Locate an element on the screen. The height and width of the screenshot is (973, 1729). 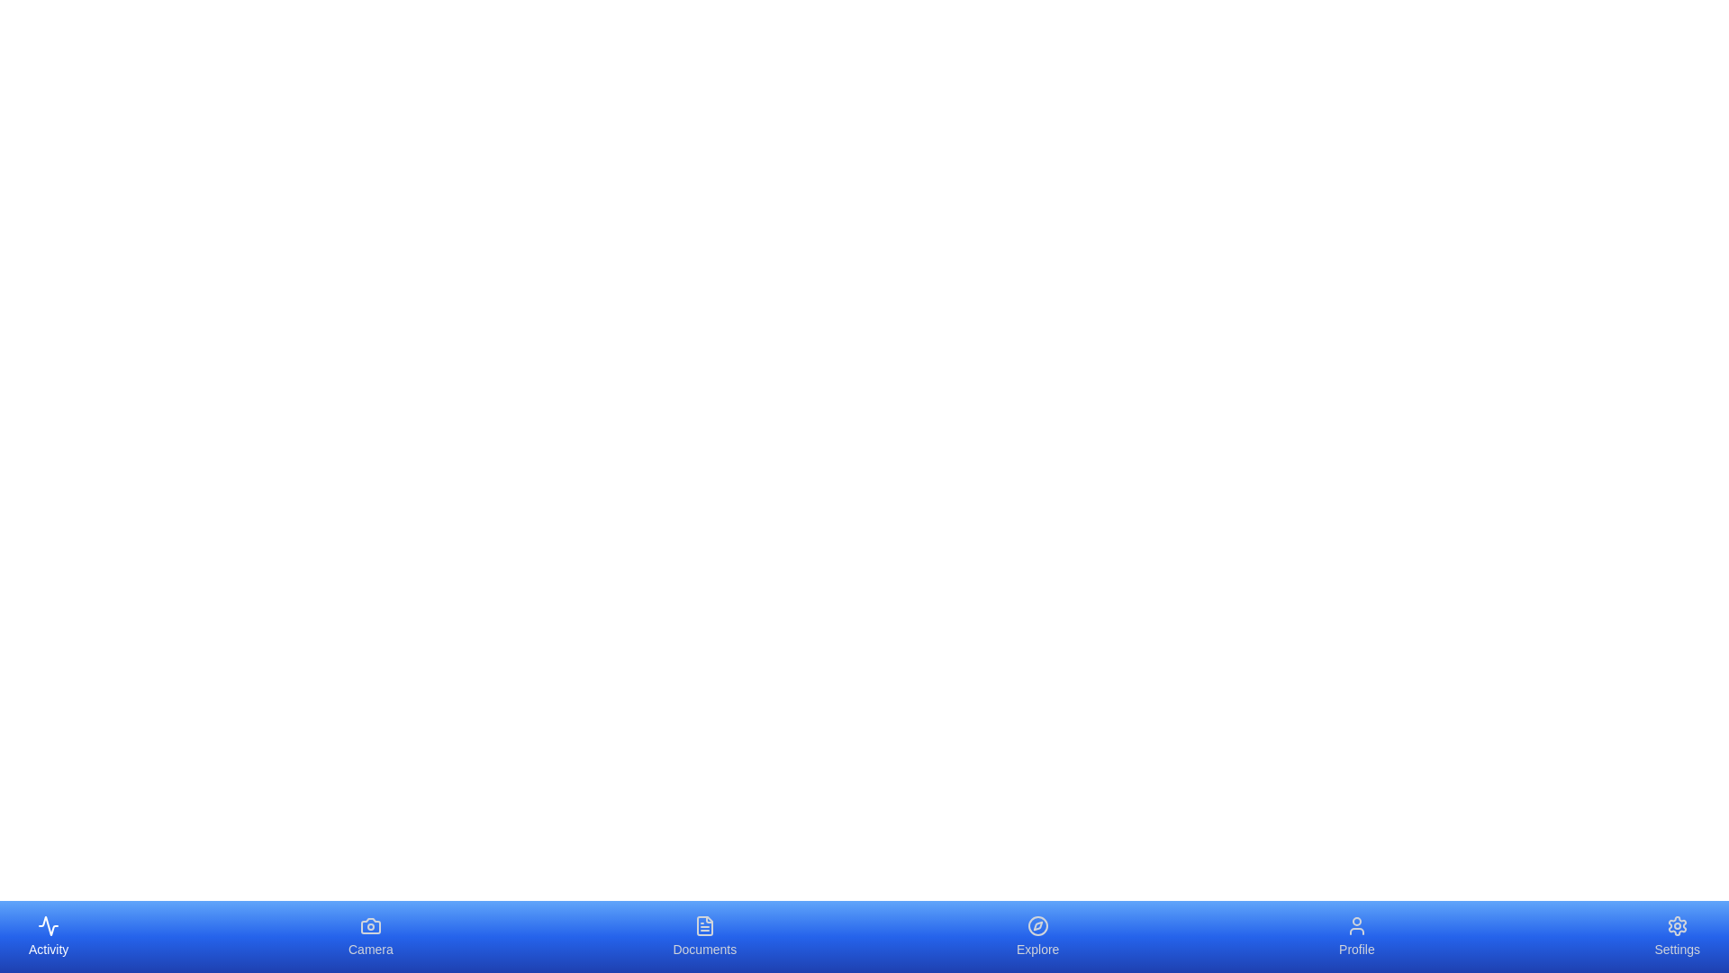
the tab labeled Activity is located at coordinates (48, 936).